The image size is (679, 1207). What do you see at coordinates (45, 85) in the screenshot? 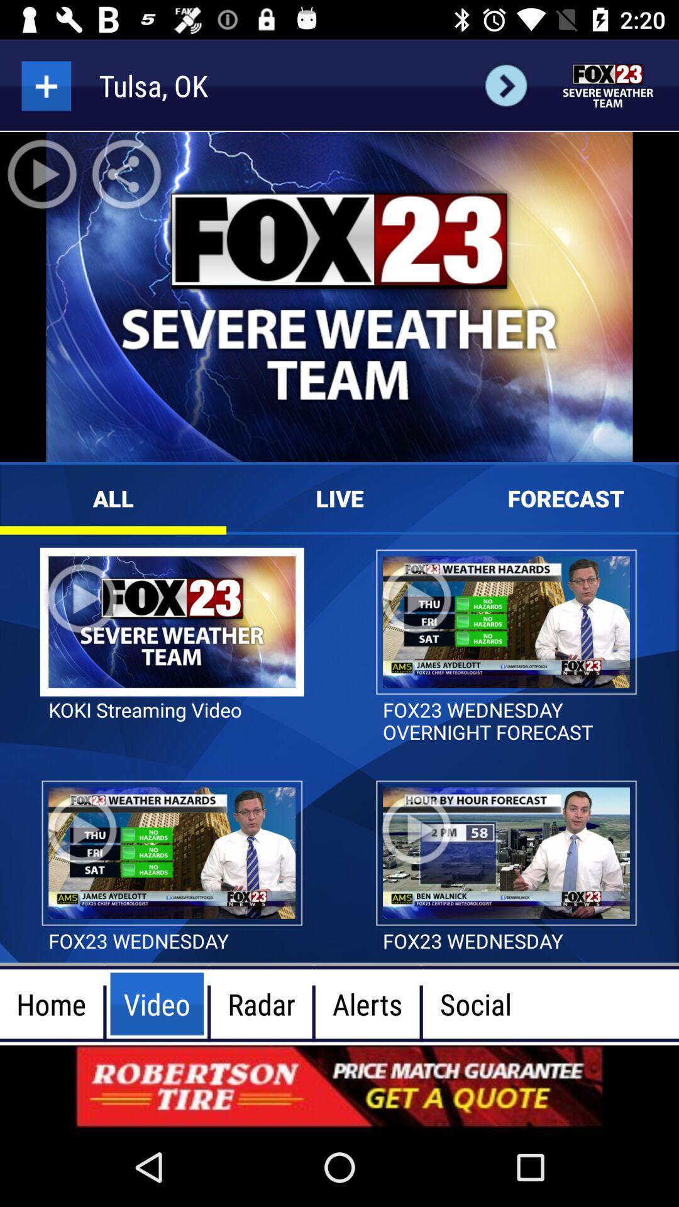
I see `more` at bounding box center [45, 85].